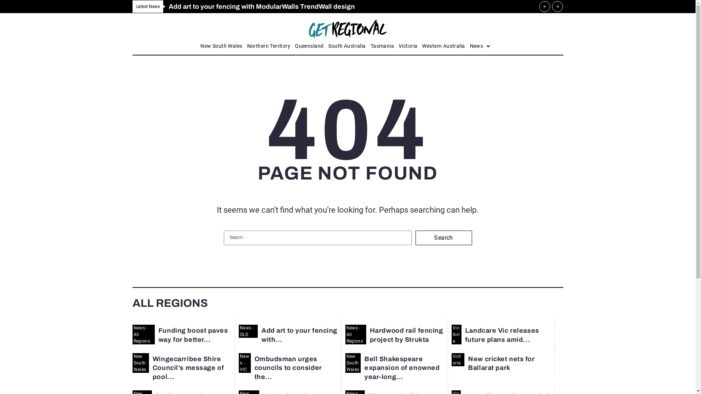 The height and width of the screenshot is (394, 701). I want to click on 'Northern Territory', so click(268, 46).